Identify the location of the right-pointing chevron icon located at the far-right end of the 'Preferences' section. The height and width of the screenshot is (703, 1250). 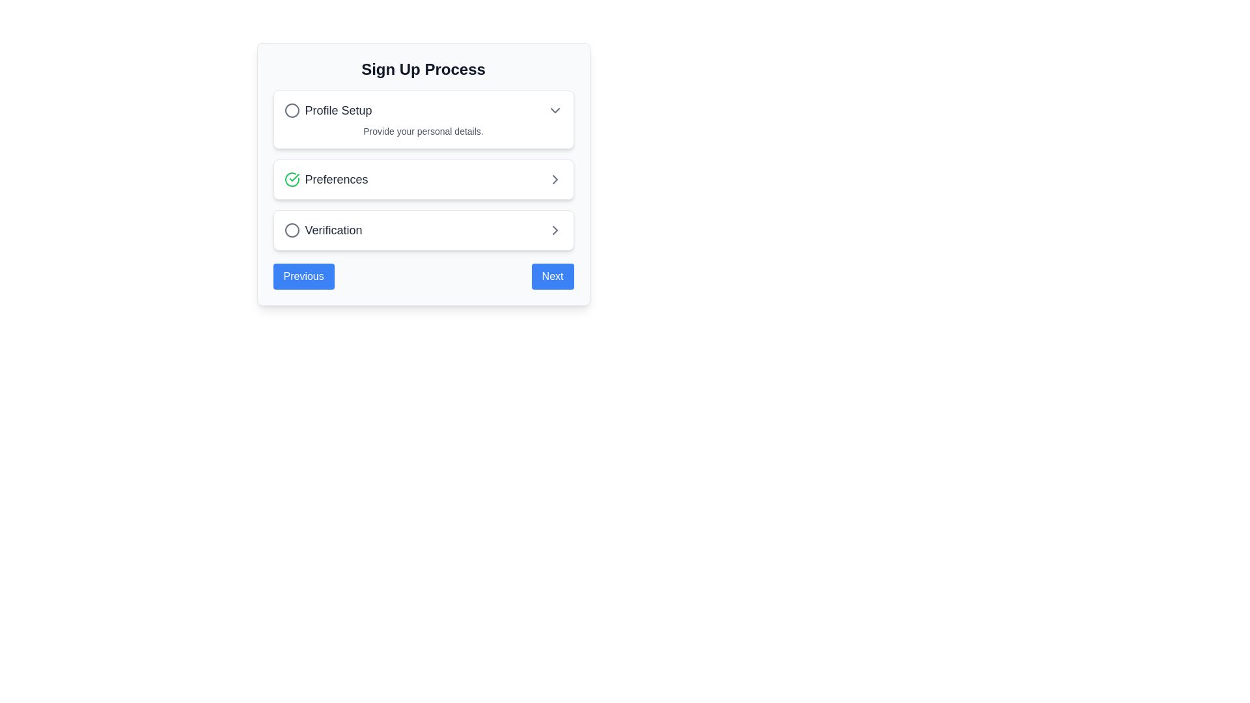
(555, 180).